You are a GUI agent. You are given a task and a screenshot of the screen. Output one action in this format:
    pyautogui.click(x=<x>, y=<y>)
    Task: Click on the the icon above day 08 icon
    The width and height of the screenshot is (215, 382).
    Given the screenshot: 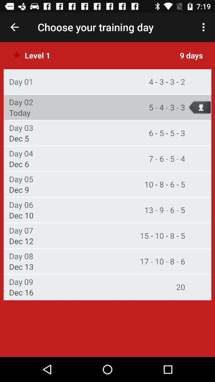 What is the action you would take?
    pyautogui.click(x=21, y=240)
    